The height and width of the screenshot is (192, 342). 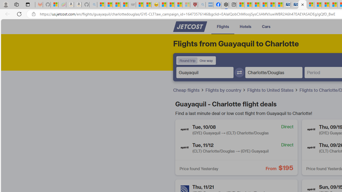 I want to click on 'Cheap flights', so click(x=189, y=90).